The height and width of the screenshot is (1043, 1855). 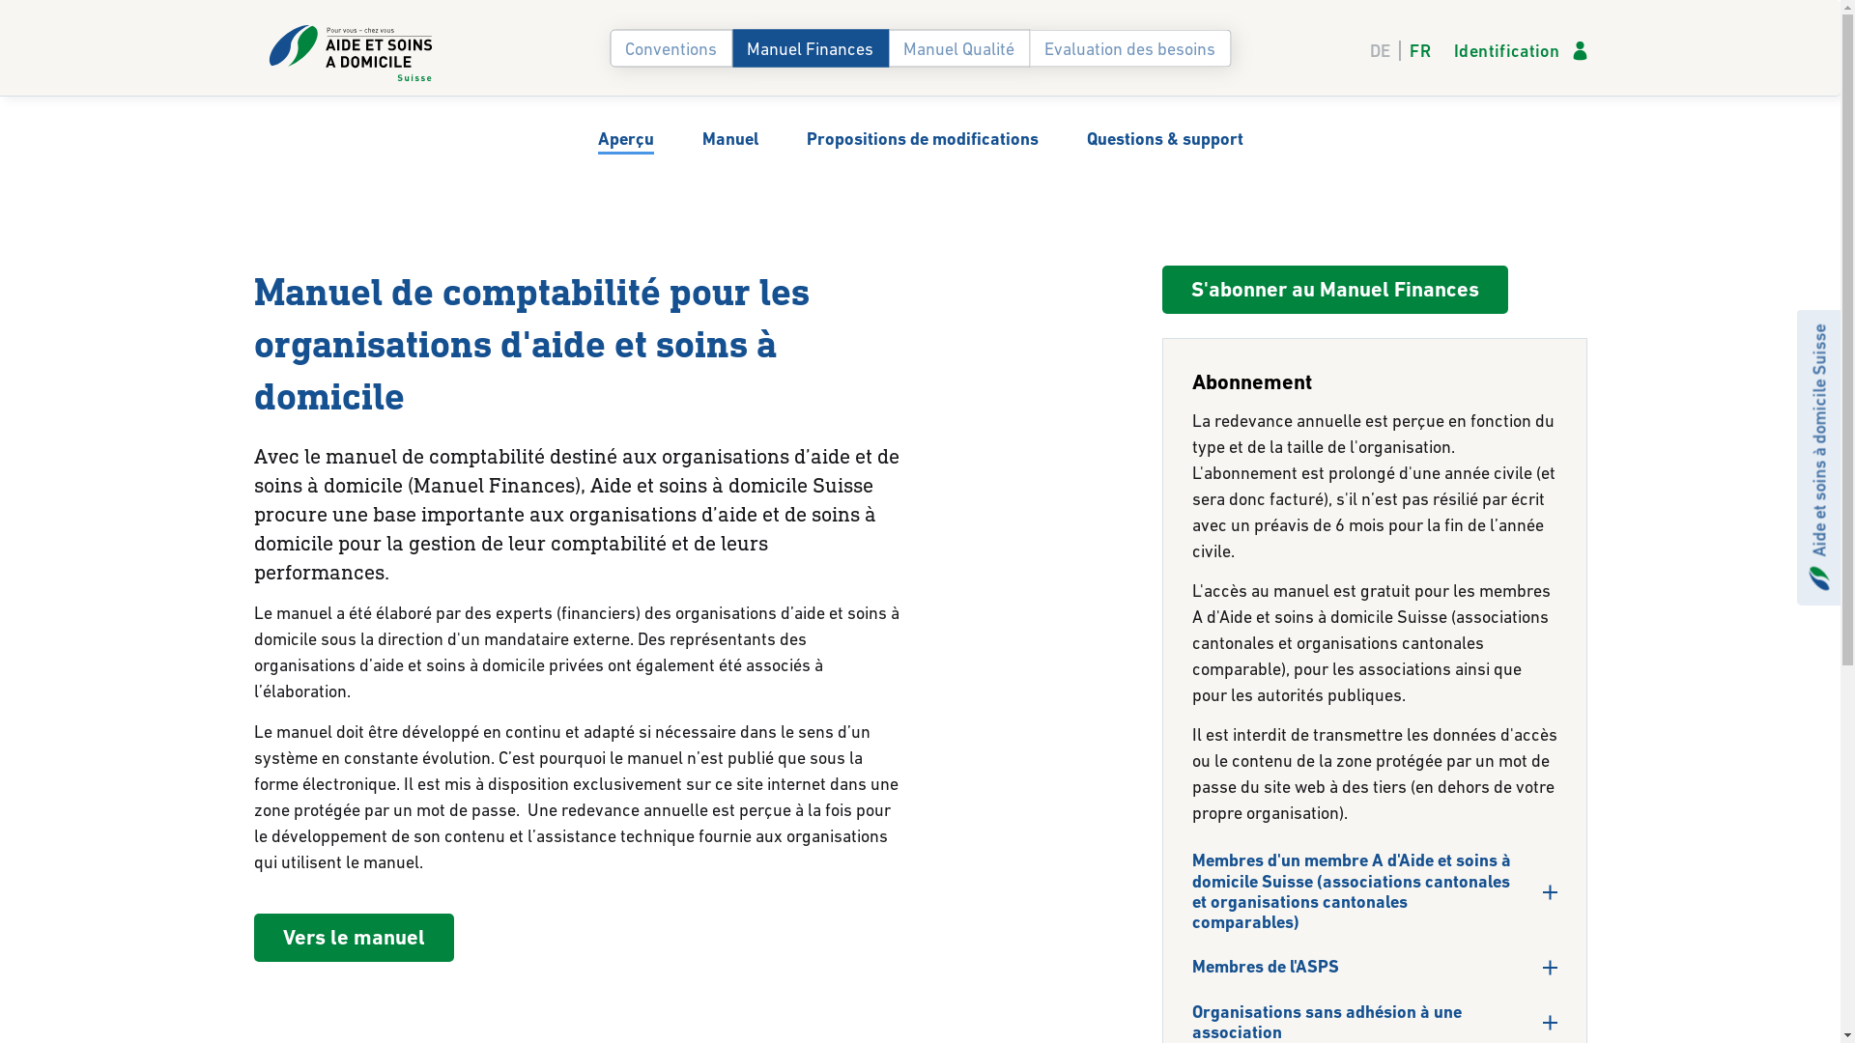 What do you see at coordinates (353, 937) in the screenshot?
I see `'Vers le manuel'` at bounding box center [353, 937].